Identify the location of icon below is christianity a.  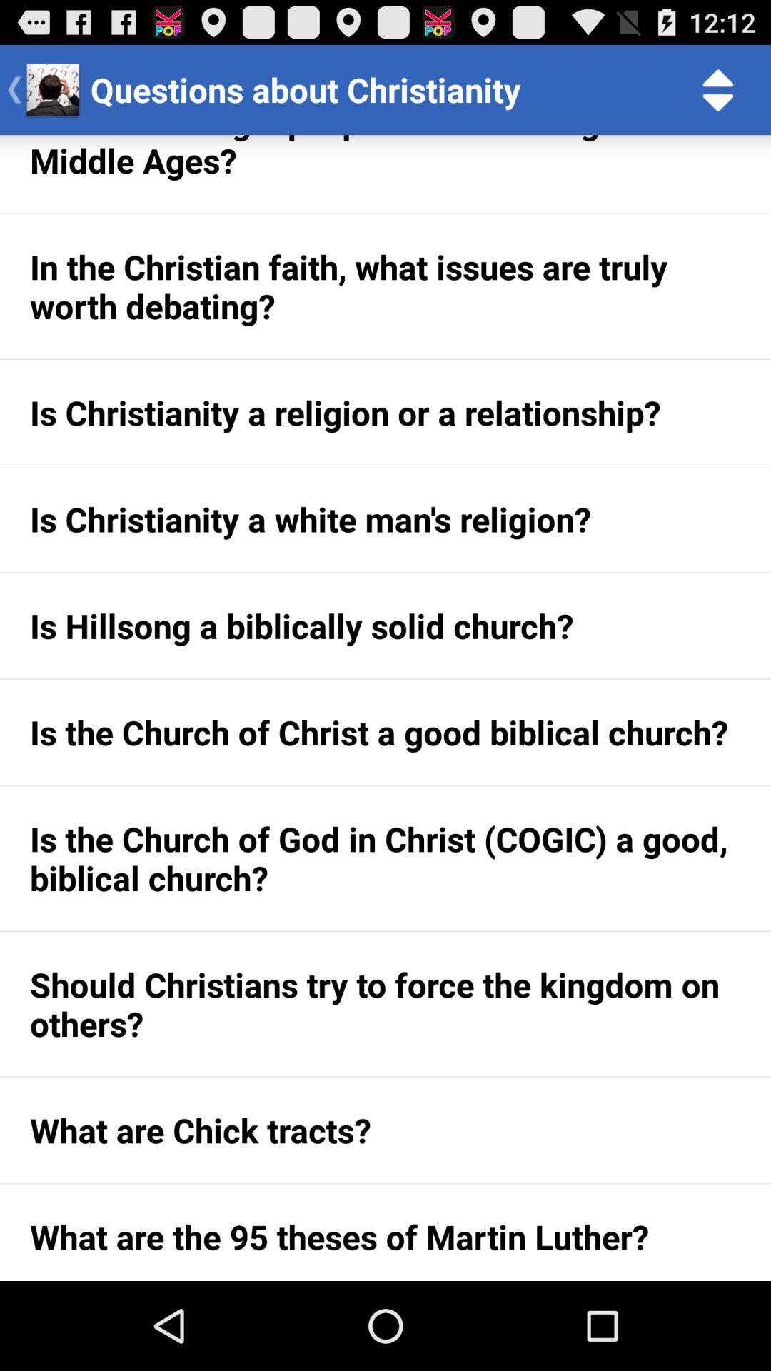
(385, 626).